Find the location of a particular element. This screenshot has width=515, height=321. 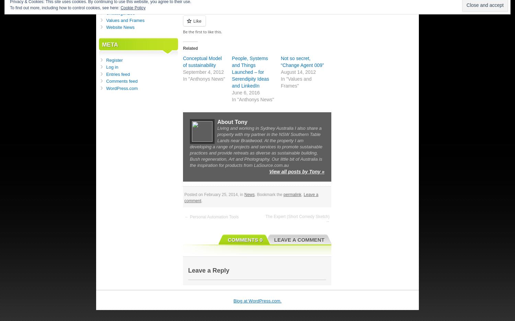

'Values and Frames' is located at coordinates (125, 20).